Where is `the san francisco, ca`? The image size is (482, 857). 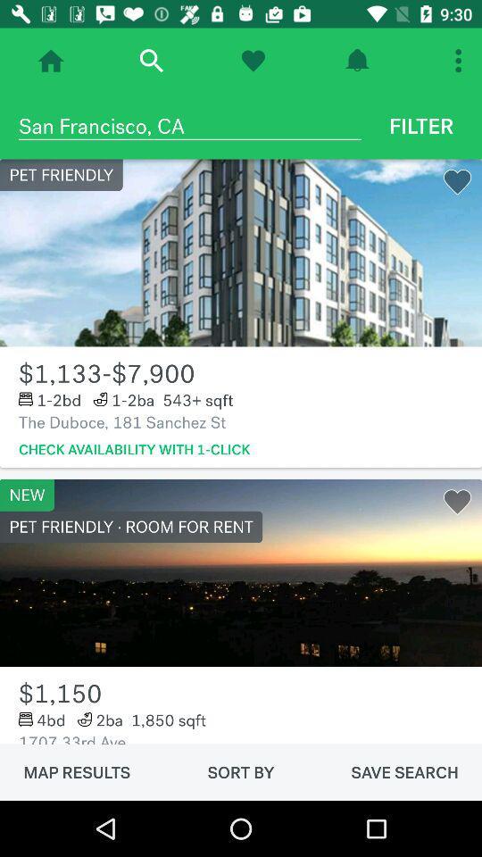
the san francisco, ca is located at coordinates (188, 125).